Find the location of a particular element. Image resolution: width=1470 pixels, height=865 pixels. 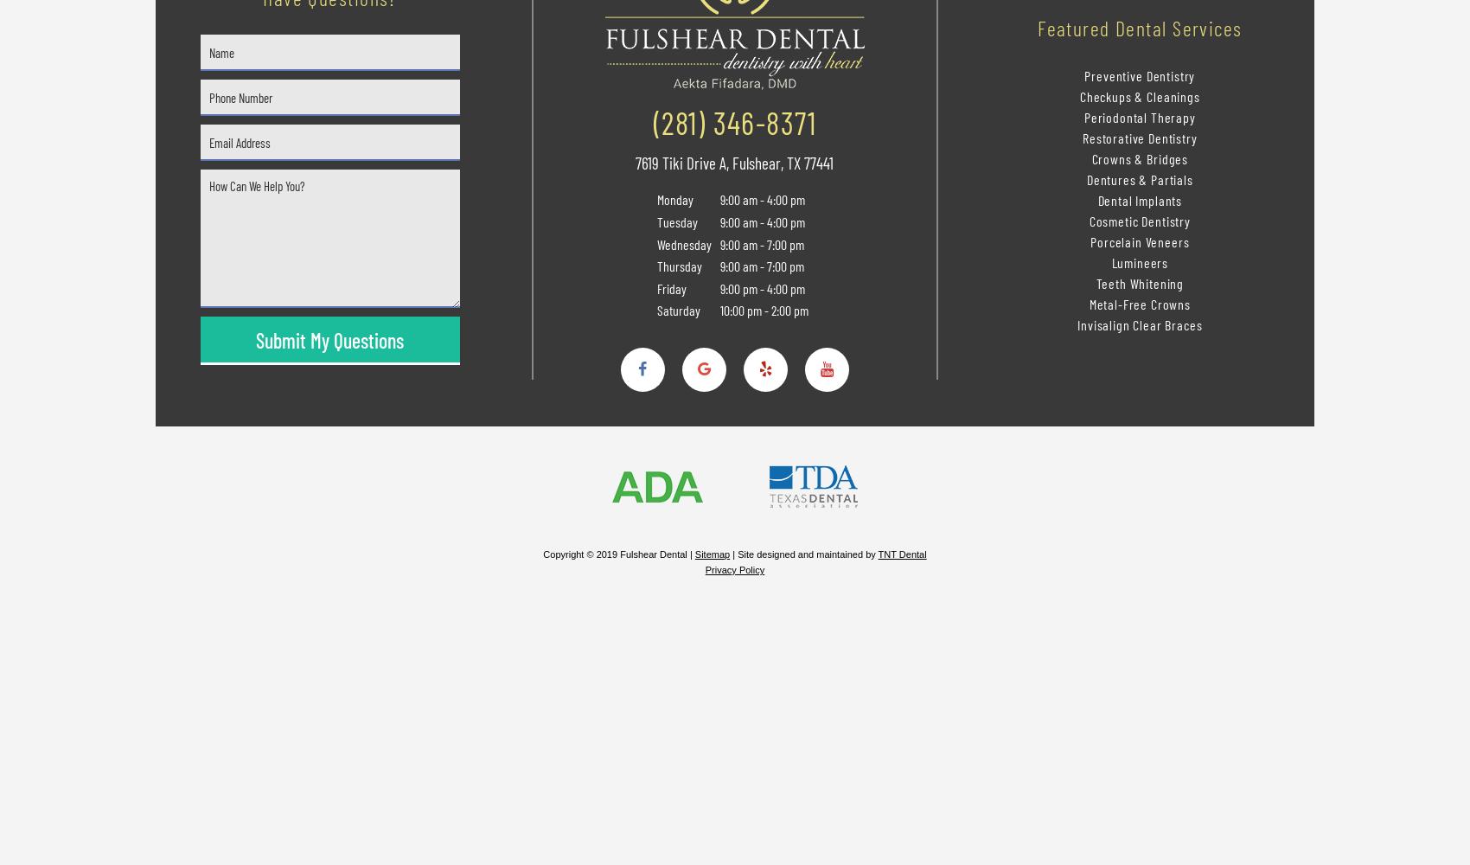

'9:00 pm - 4:00 pm' is located at coordinates (760, 286).